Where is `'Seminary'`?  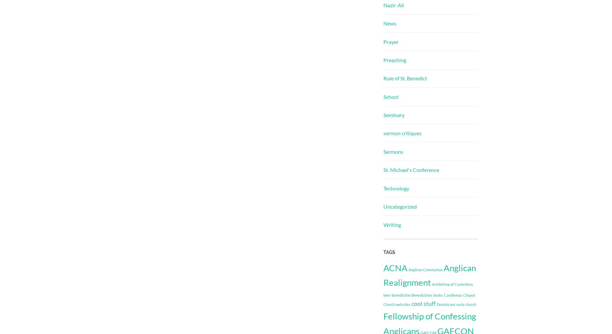
'Seminary' is located at coordinates (394, 115).